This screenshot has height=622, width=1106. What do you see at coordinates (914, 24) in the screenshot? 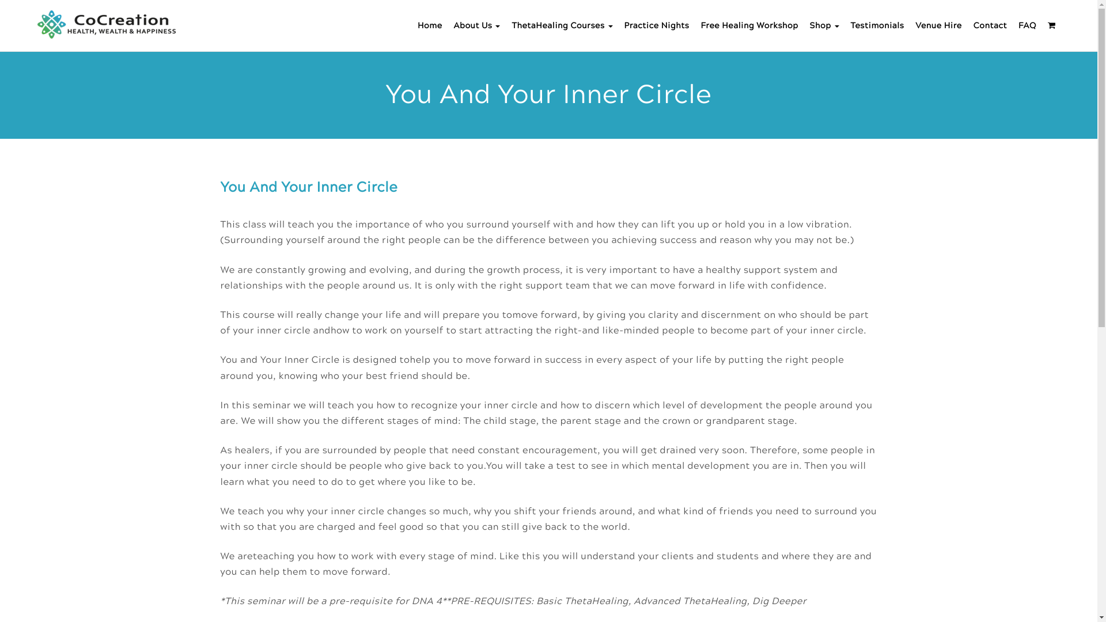
I see `'Venue Hire'` at bounding box center [914, 24].